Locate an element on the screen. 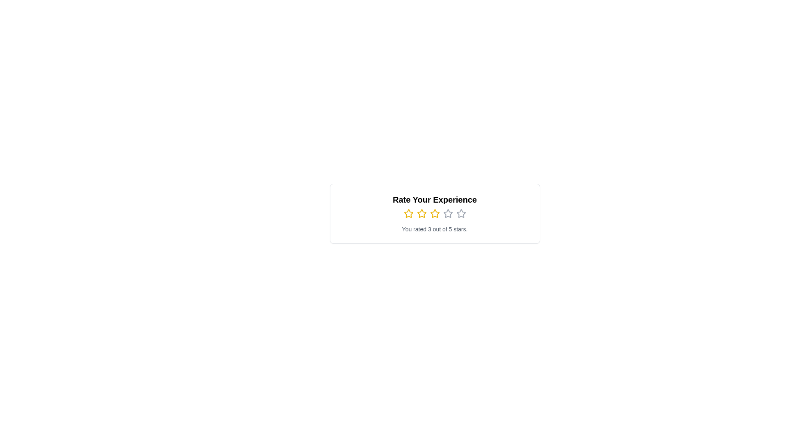 Image resolution: width=788 pixels, height=443 pixels. the third star in the Rating Star element, which is highlighted in yellow and located below the 'Rate Your Experience' text is located at coordinates (434, 213).